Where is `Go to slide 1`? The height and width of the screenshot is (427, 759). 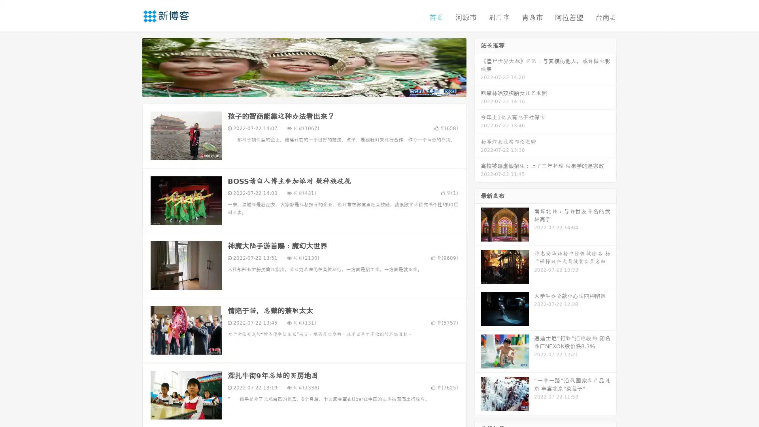
Go to slide 1 is located at coordinates (296, 89).